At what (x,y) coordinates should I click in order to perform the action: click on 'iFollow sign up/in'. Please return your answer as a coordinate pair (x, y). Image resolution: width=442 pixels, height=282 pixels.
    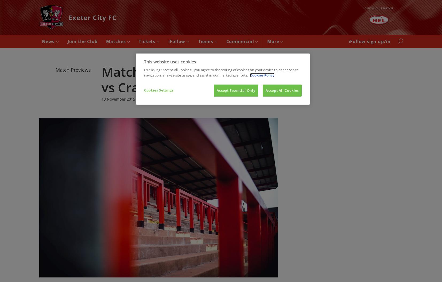
    Looking at the image, I should click on (370, 41).